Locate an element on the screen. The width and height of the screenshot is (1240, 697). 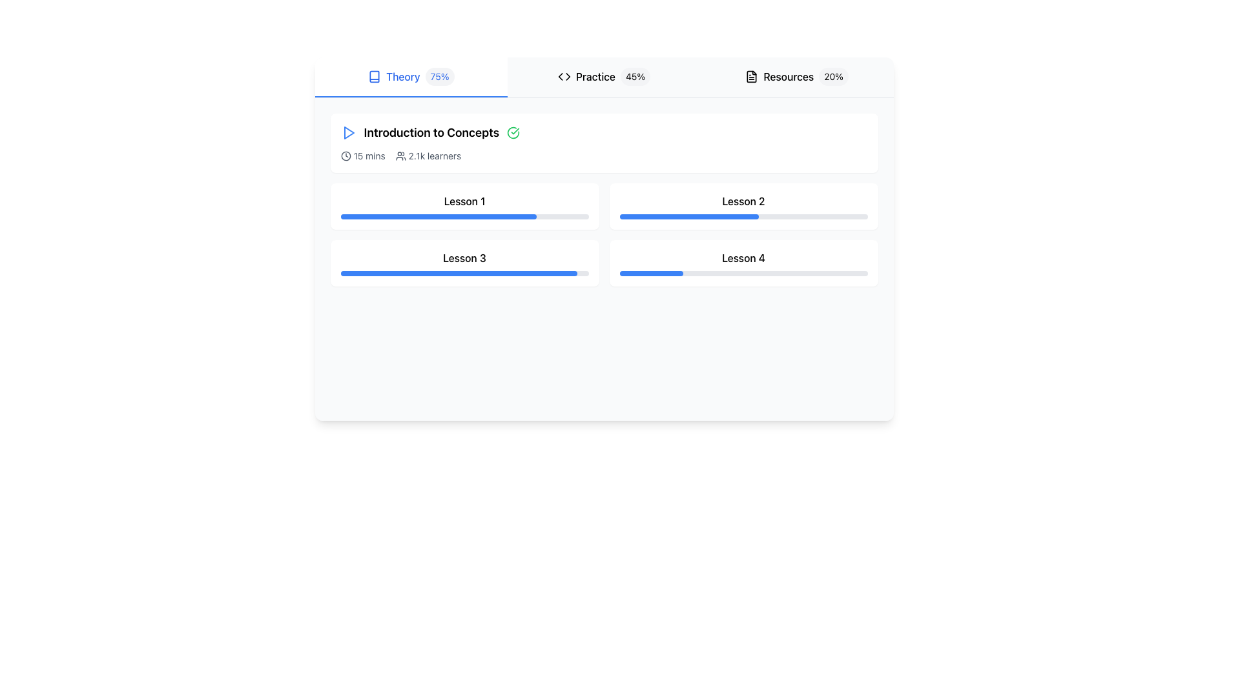
the 'Theory' tab button in the navigation bar, which is styled with a blue and white color scheme and has a progress badge reading '75%' is located at coordinates (410, 77).